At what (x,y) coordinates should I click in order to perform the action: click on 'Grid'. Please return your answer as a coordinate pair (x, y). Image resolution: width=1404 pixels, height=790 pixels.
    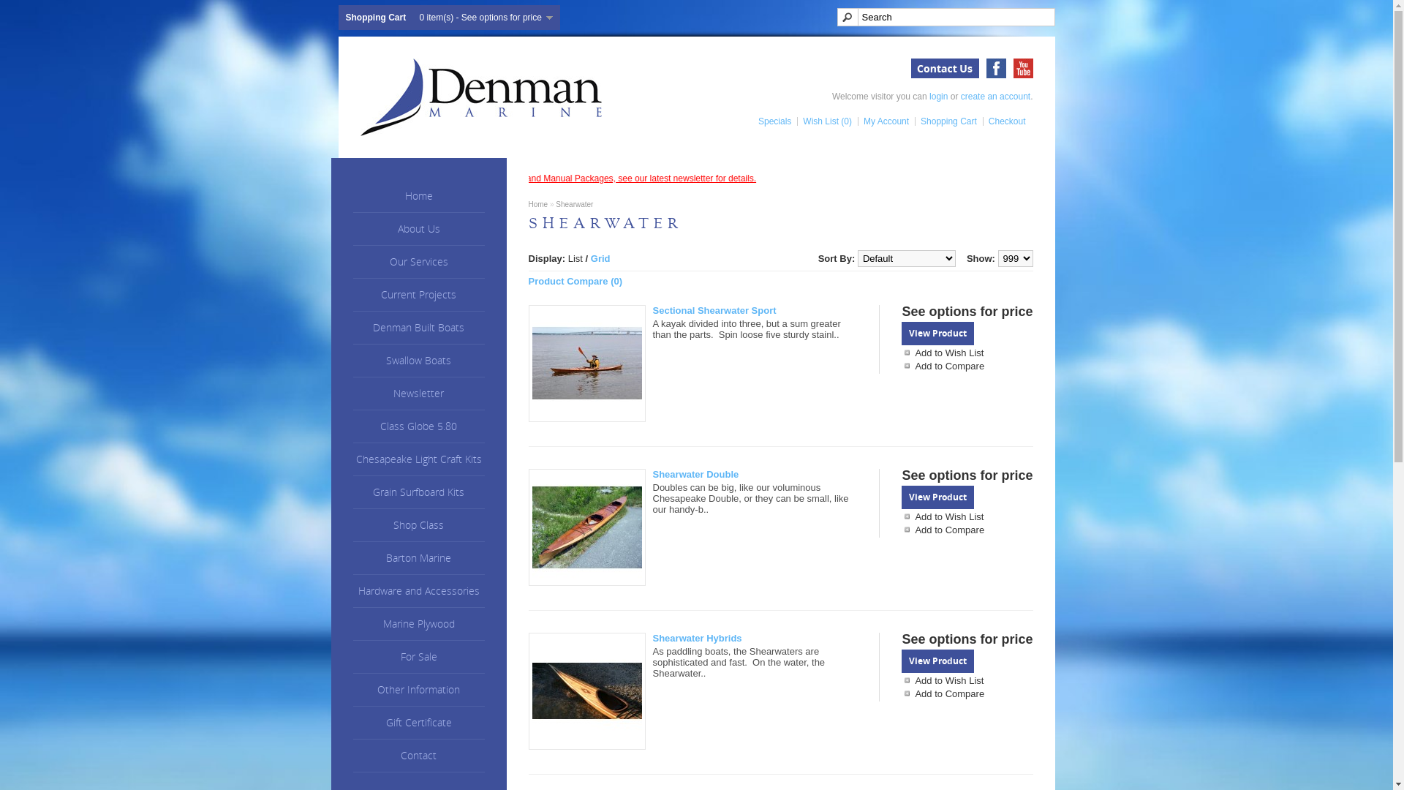
    Looking at the image, I should click on (600, 257).